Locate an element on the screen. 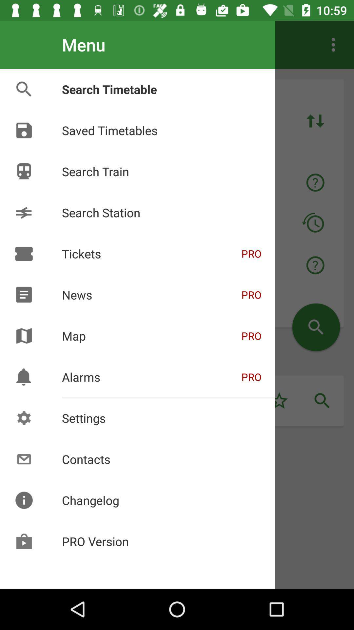 The image size is (354, 630). second search icon in middle right of page is located at coordinates (322, 400).